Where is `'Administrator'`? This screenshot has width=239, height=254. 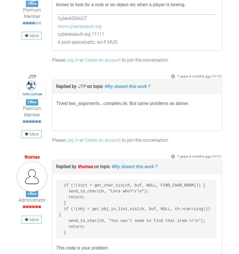
'Administrator' is located at coordinates (31, 200).